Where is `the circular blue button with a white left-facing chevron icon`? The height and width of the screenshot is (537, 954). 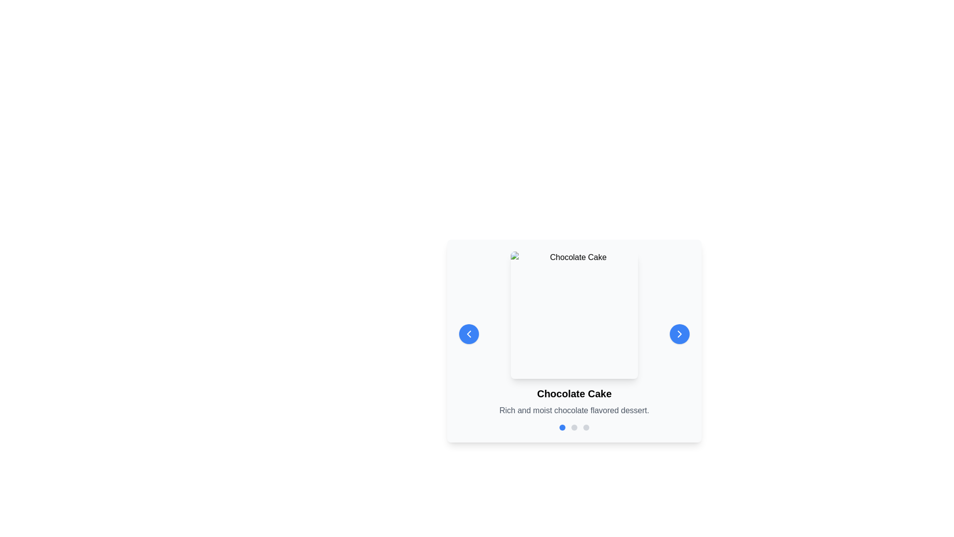
the circular blue button with a white left-facing chevron icon is located at coordinates (469, 334).